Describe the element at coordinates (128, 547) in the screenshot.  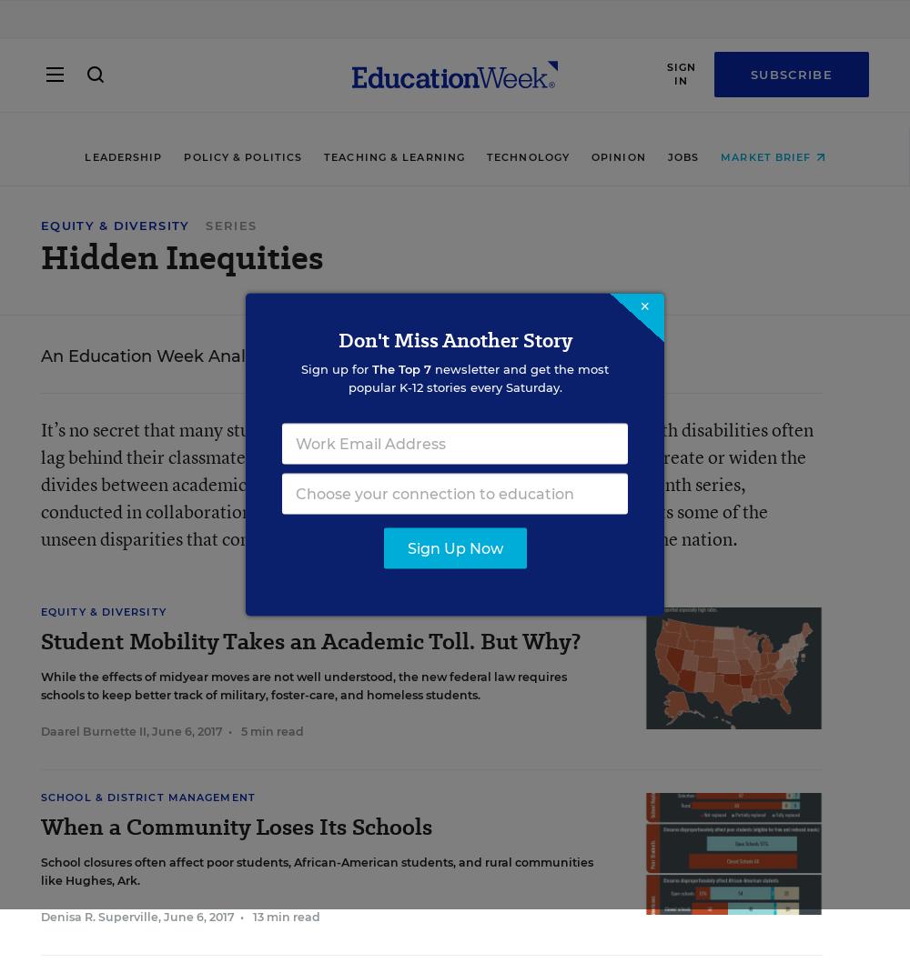
I see `'Group Subscriptions'` at that location.